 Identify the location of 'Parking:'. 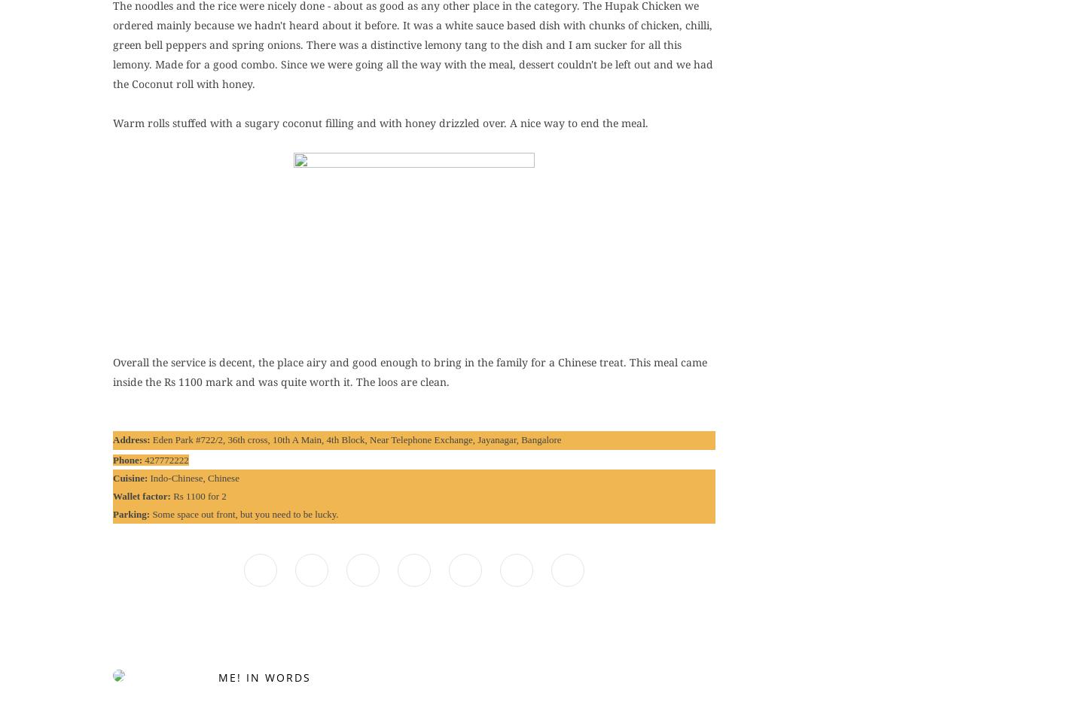
(132, 514).